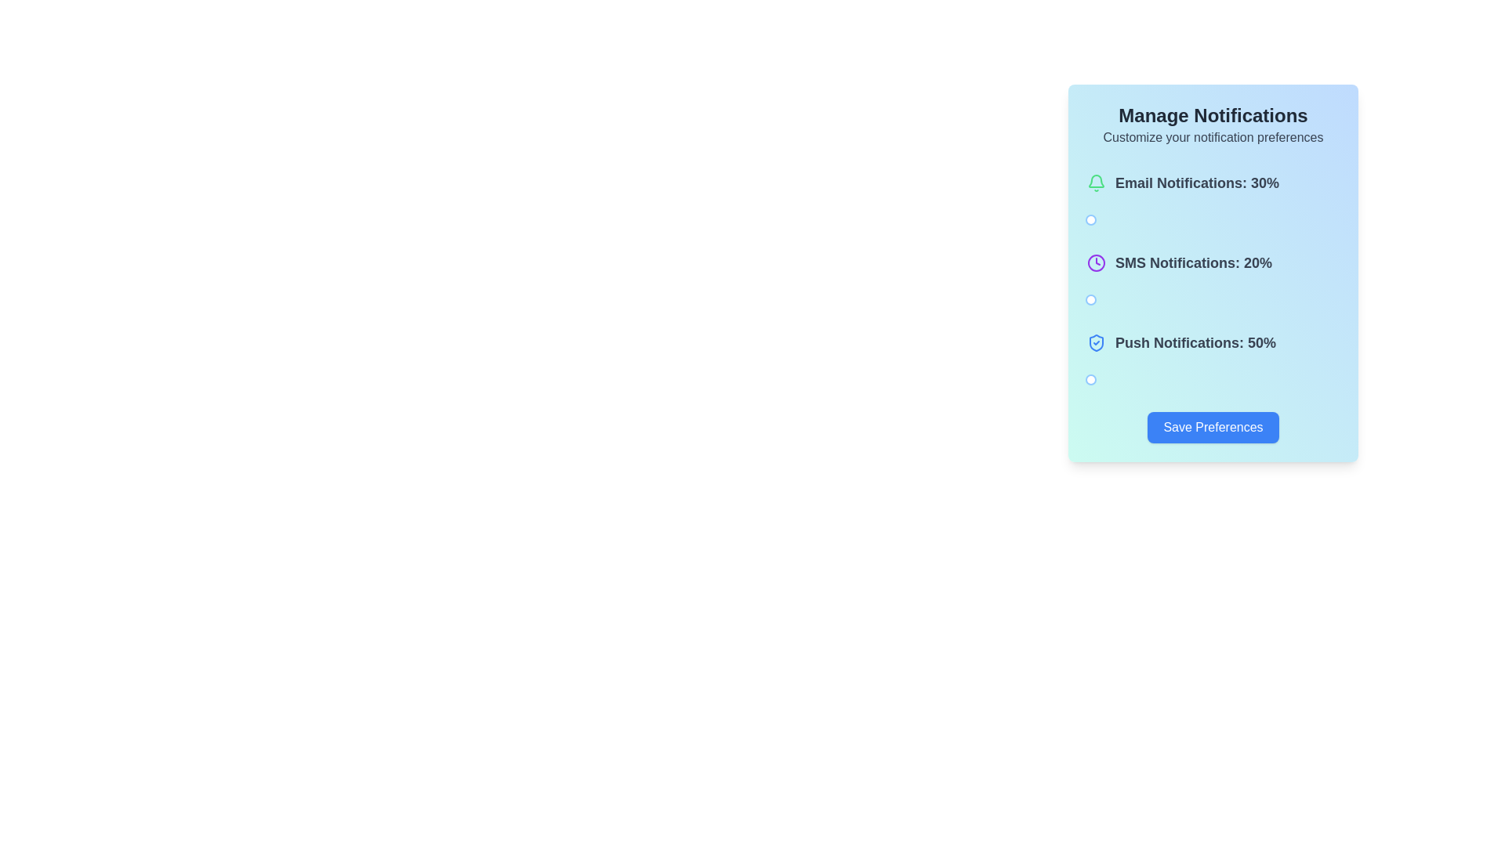 The width and height of the screenshot is (1505, 846). Describe the element at coordinates (1095, 342) in the screenshot. I see `shield-shaped icon representing the 'Push Notifications: 50%' feature, located to the left of the corresponding label in the notification preferences card` at that location.